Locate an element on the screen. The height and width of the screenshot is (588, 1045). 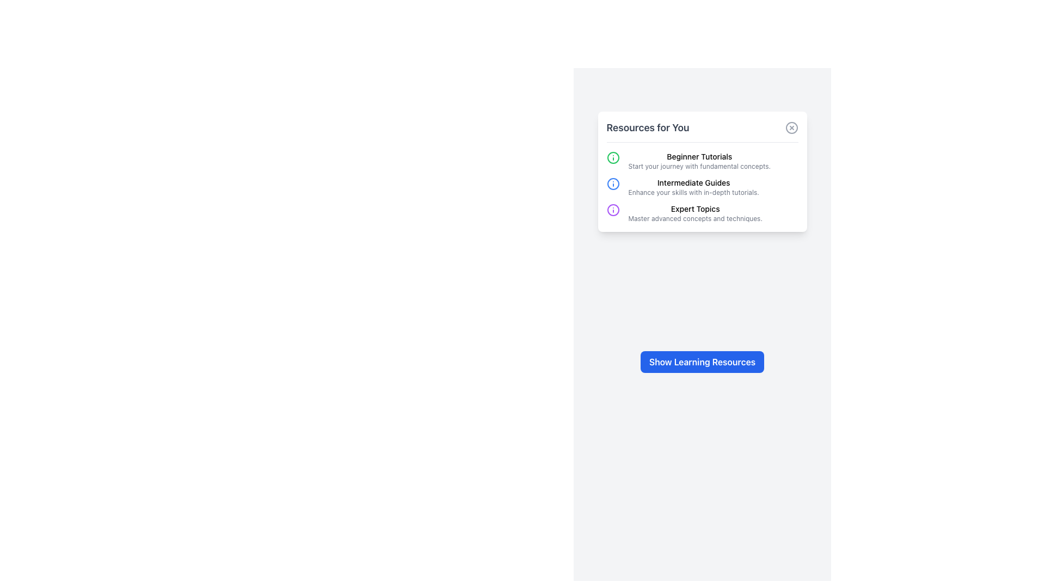
the second item in the vertical list titled 'Resources for You' is located at coordinates (693, 186).